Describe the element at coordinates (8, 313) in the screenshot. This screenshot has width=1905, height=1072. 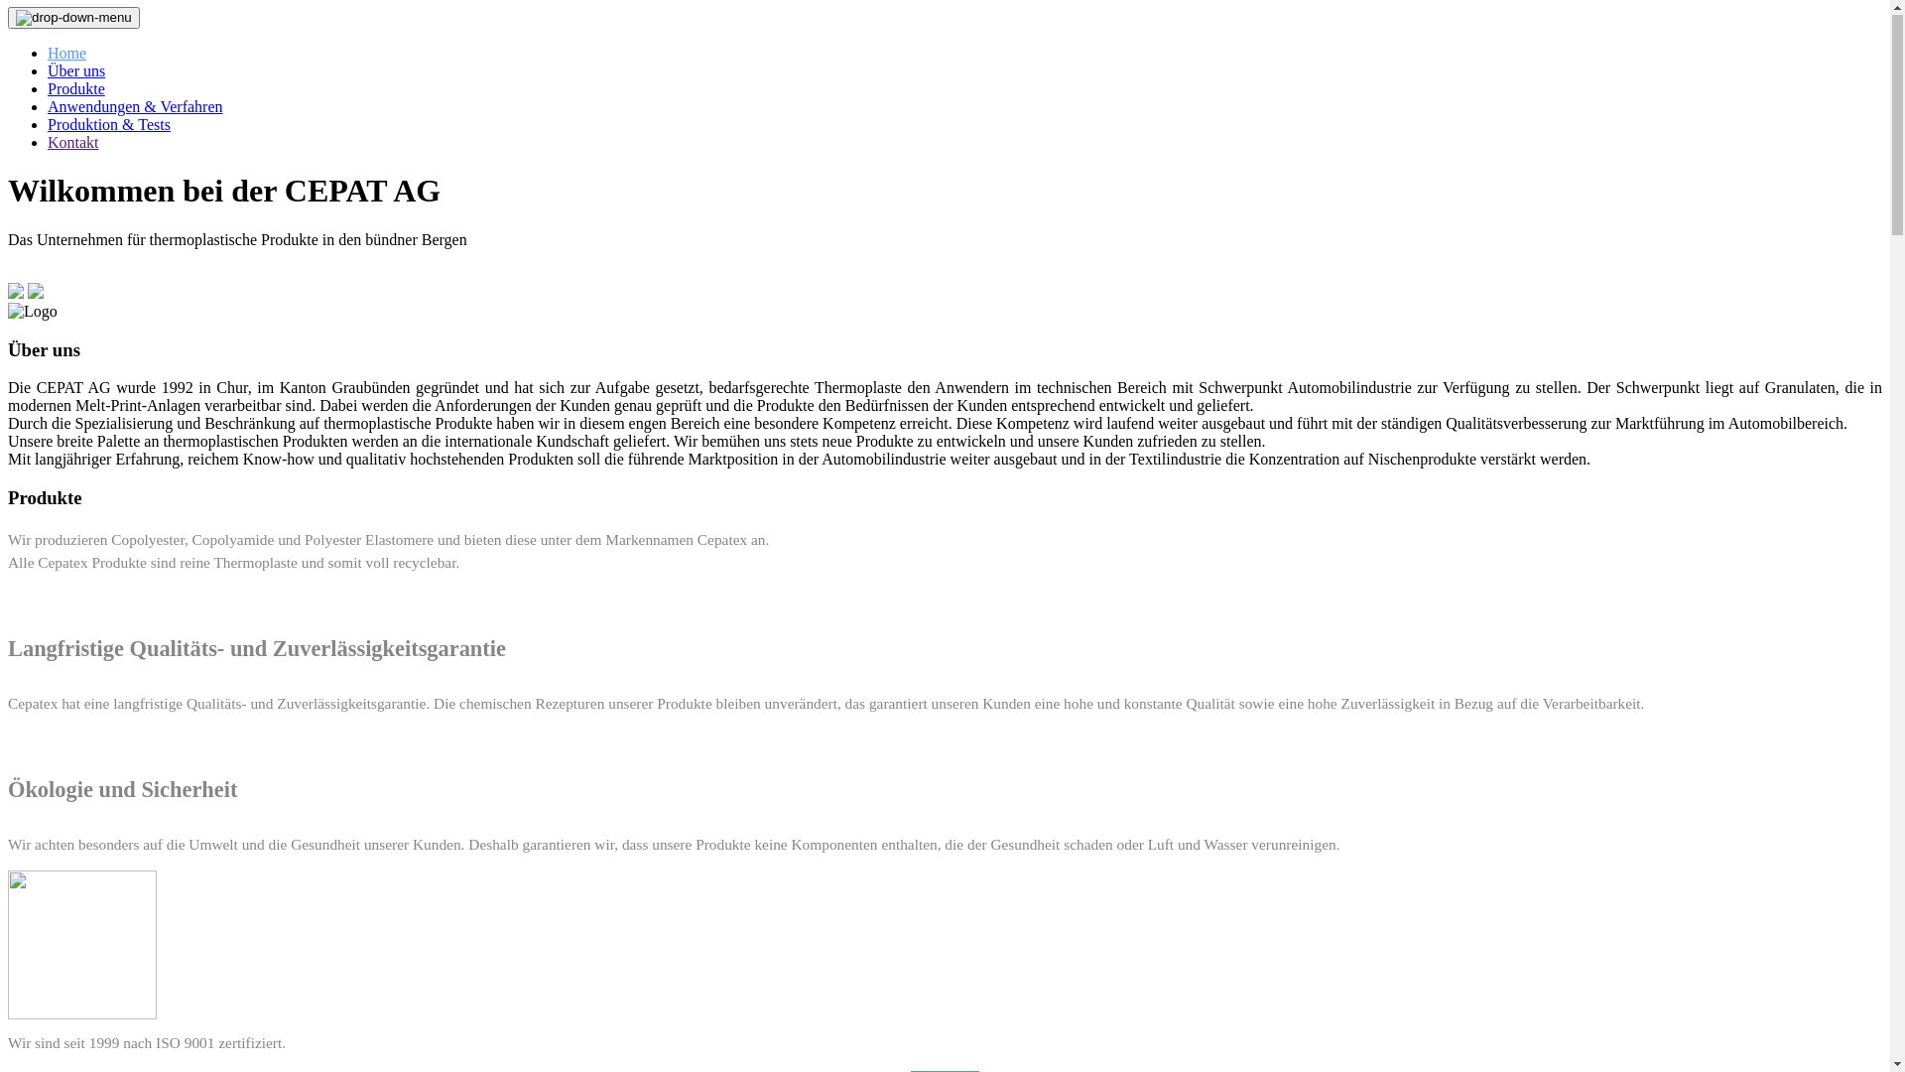
I see `'Logo'` at that location.